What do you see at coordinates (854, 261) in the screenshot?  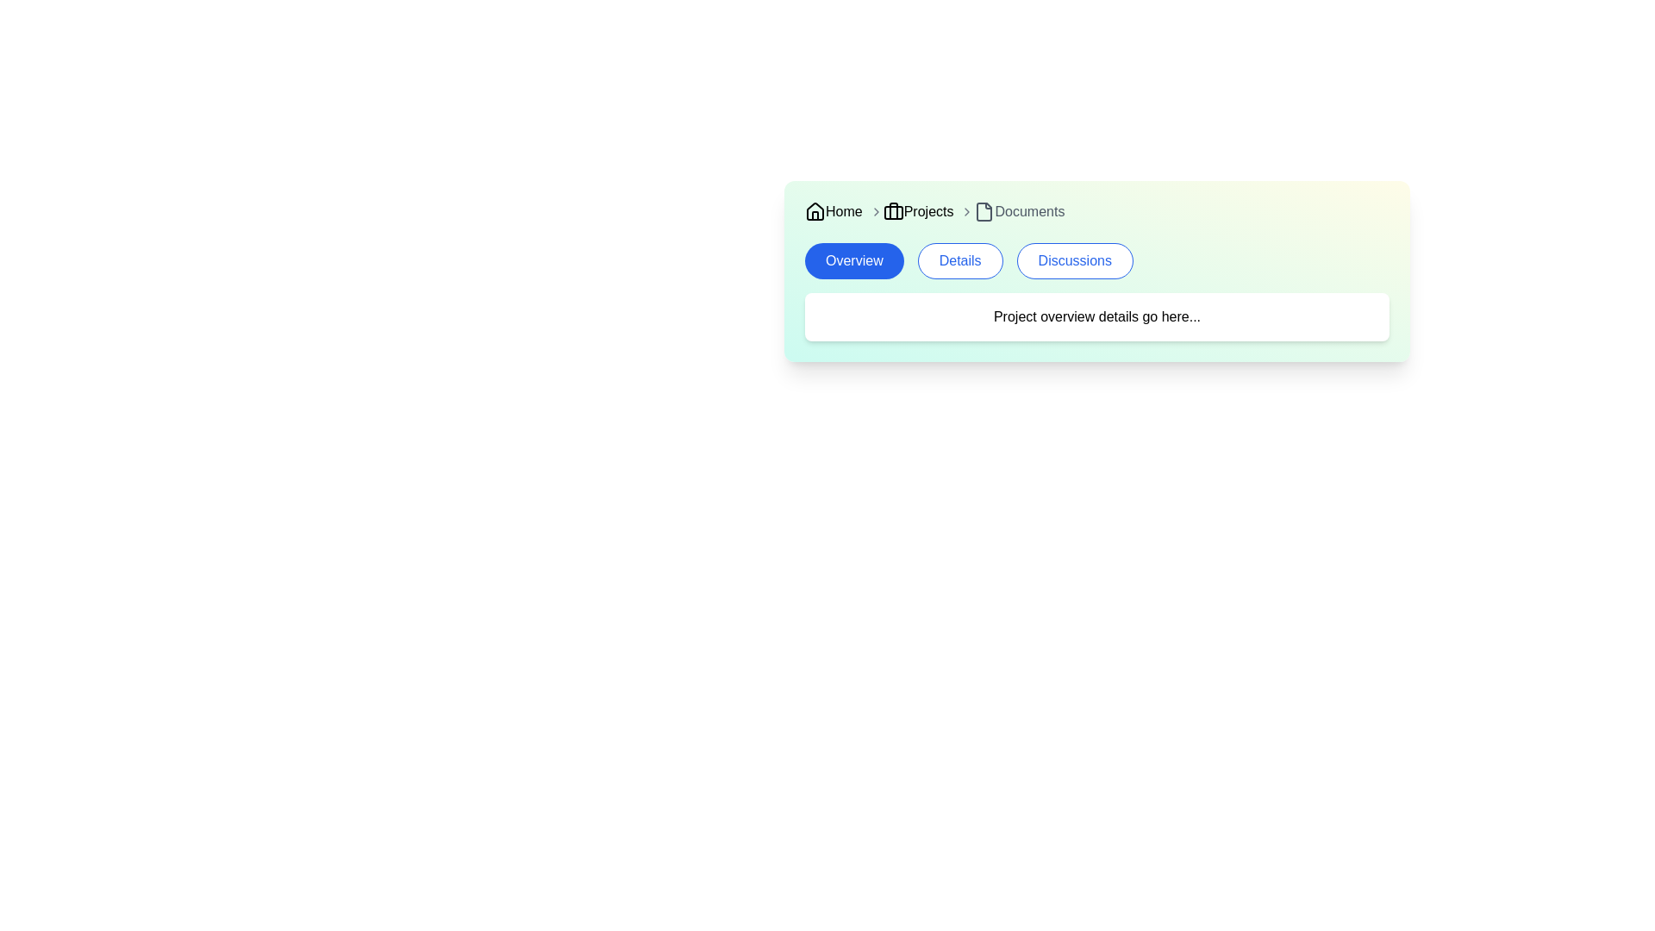 I see `keyboard navigation` at bounding box center [854, 261].